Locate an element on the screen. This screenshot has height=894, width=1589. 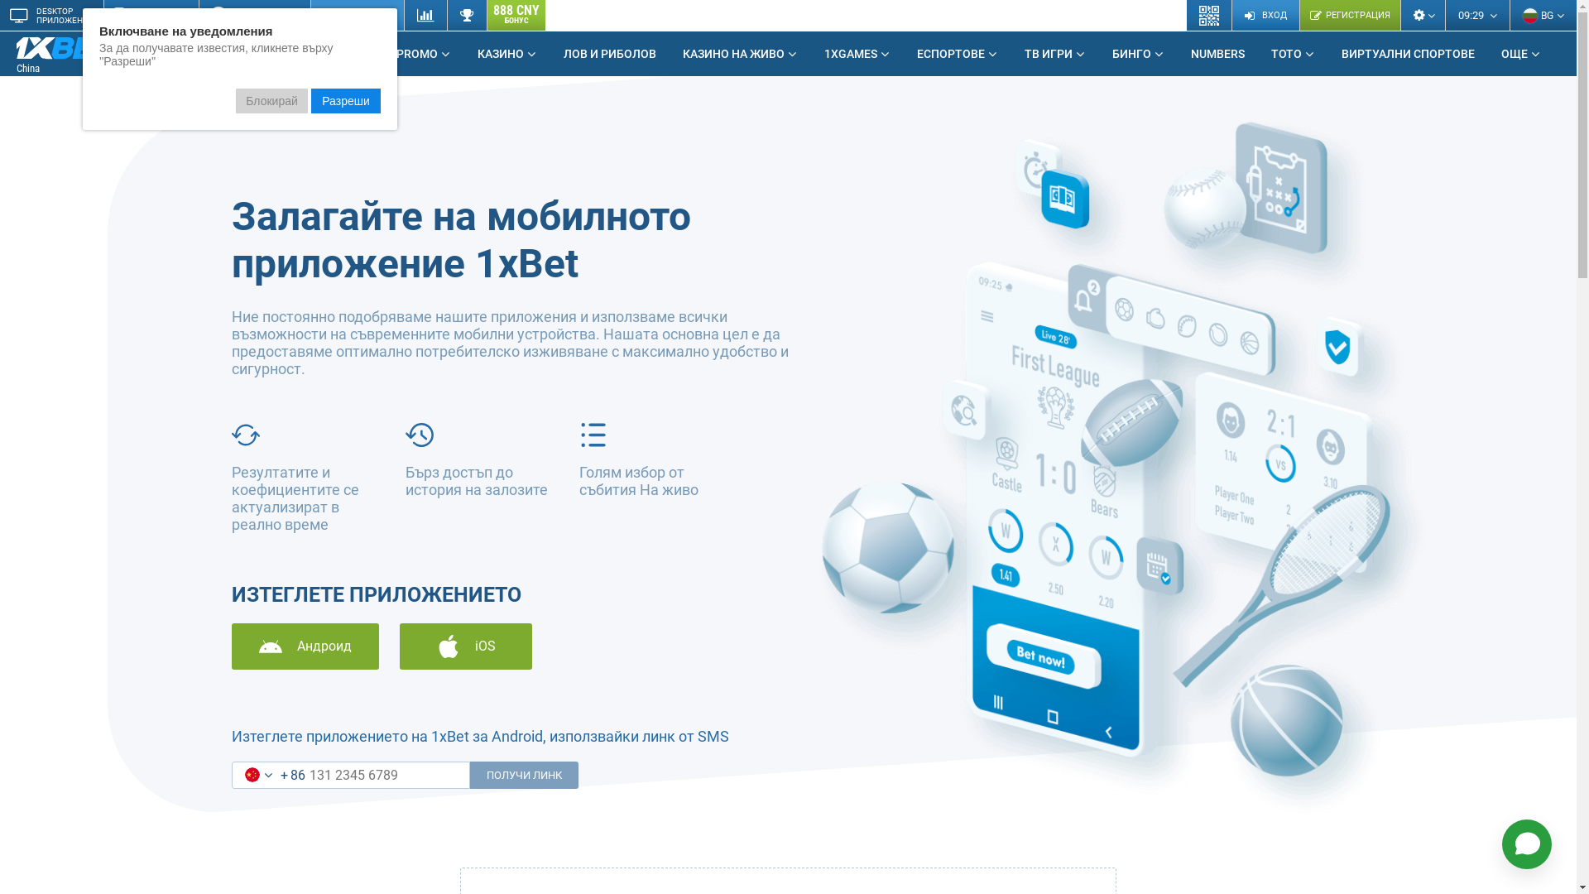
'iOS' is located at coordinates (400, 645).